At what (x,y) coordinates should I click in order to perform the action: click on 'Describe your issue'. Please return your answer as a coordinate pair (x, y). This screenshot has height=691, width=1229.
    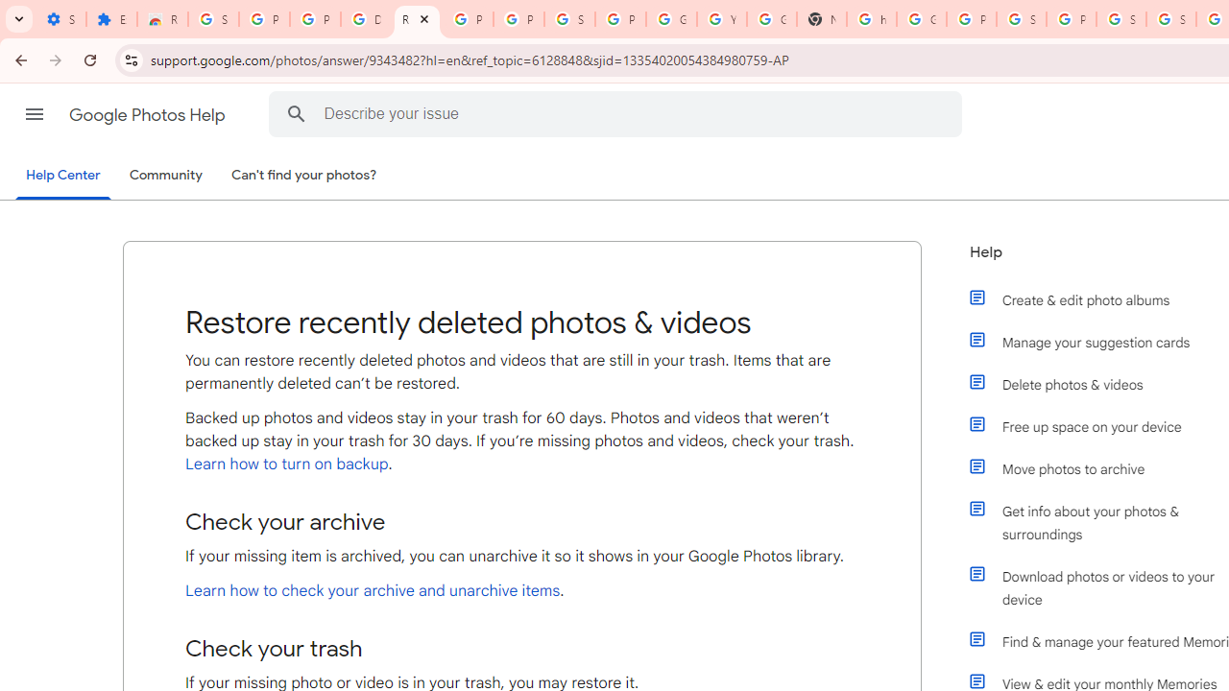
    Looking at the image, I should click on (619, 113).